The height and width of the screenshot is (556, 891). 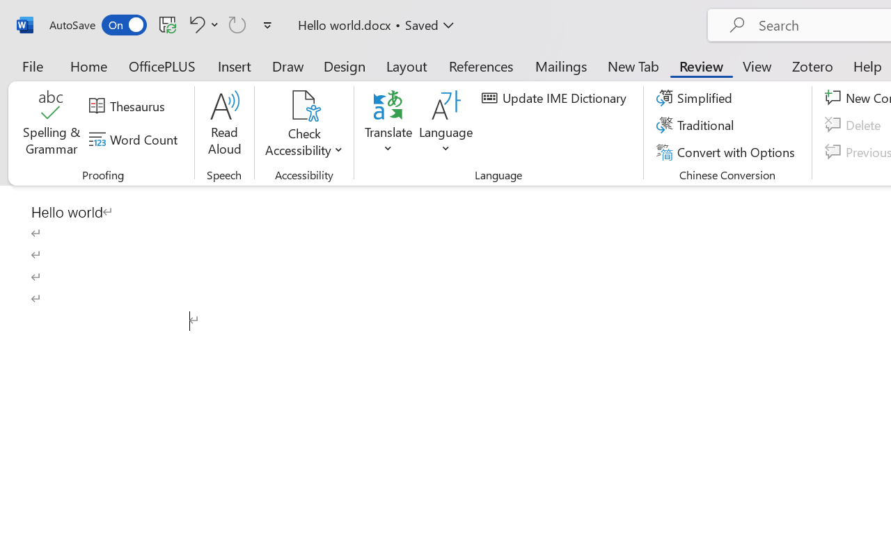 What do you see at coordinates (194, 24) in the screenshot?
I see `'Undo Click and Type Formatting'` at bounding box center [194, 24].